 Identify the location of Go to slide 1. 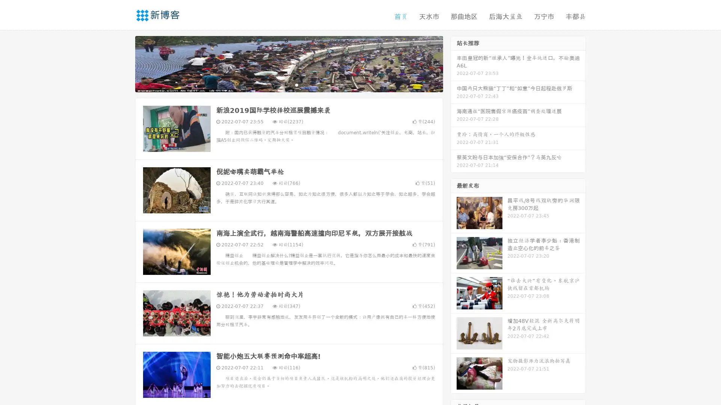
(281, 84).